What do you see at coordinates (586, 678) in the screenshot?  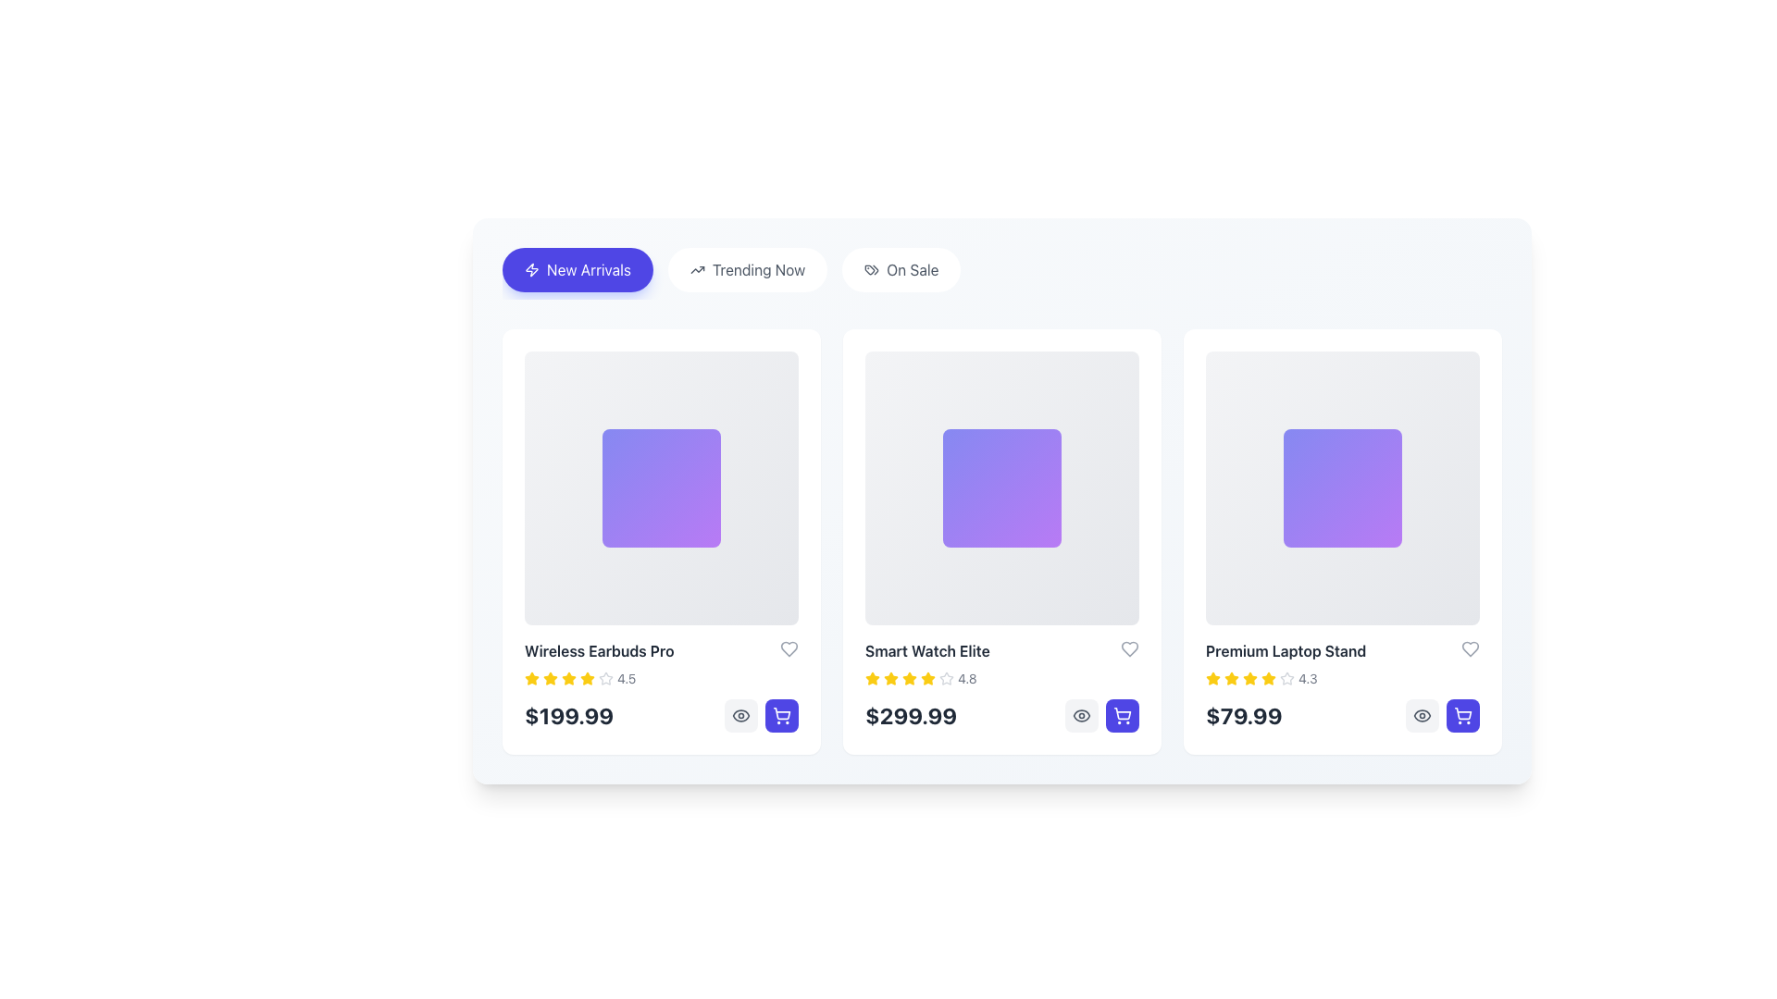 I see `the star icon at the far-right end of the interactive star group above the numerical rating '4.5' for the product 'Wireless Earbuds Pro' to interact with it` at bounding box center [586, 678].